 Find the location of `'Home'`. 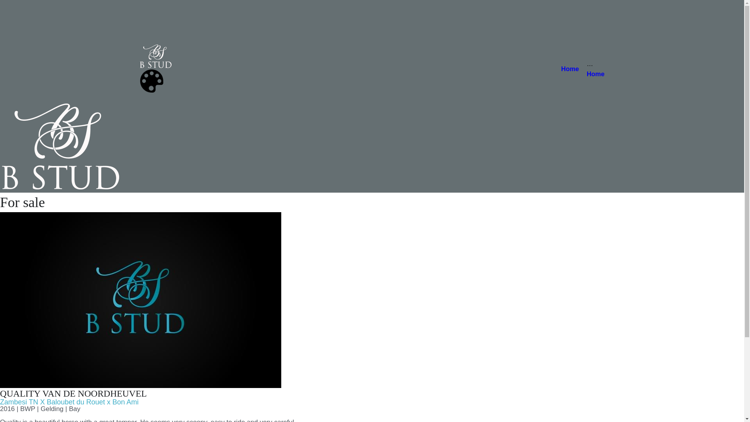

'Home' is located at coordinates (595, 74).